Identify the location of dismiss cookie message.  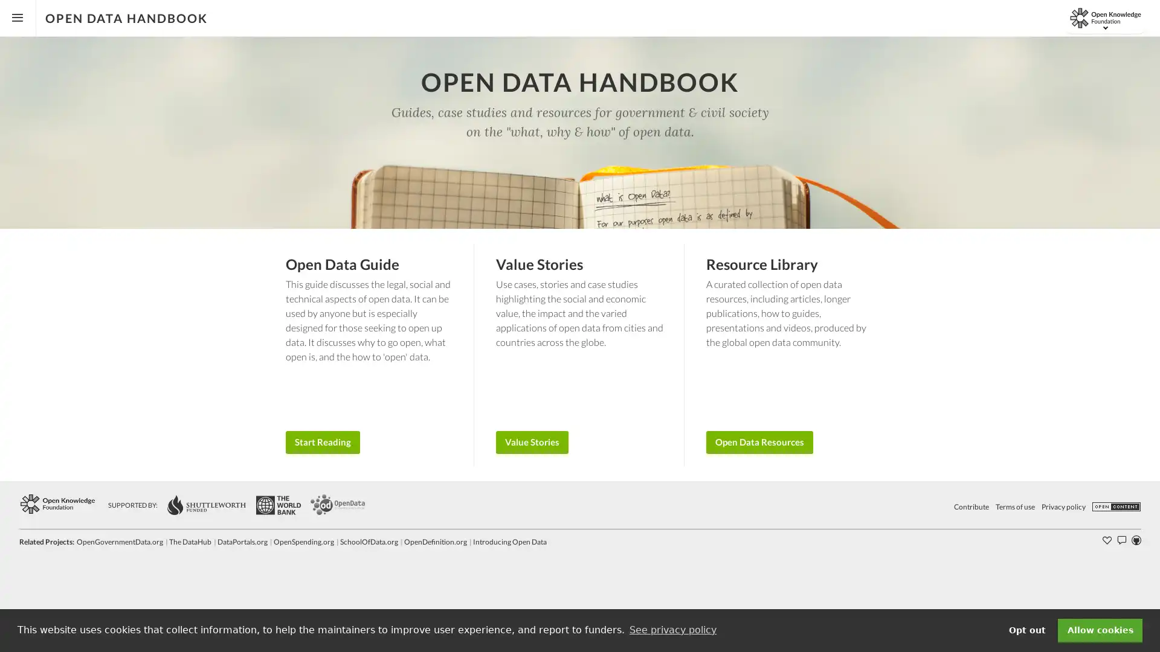
(1100, 630).